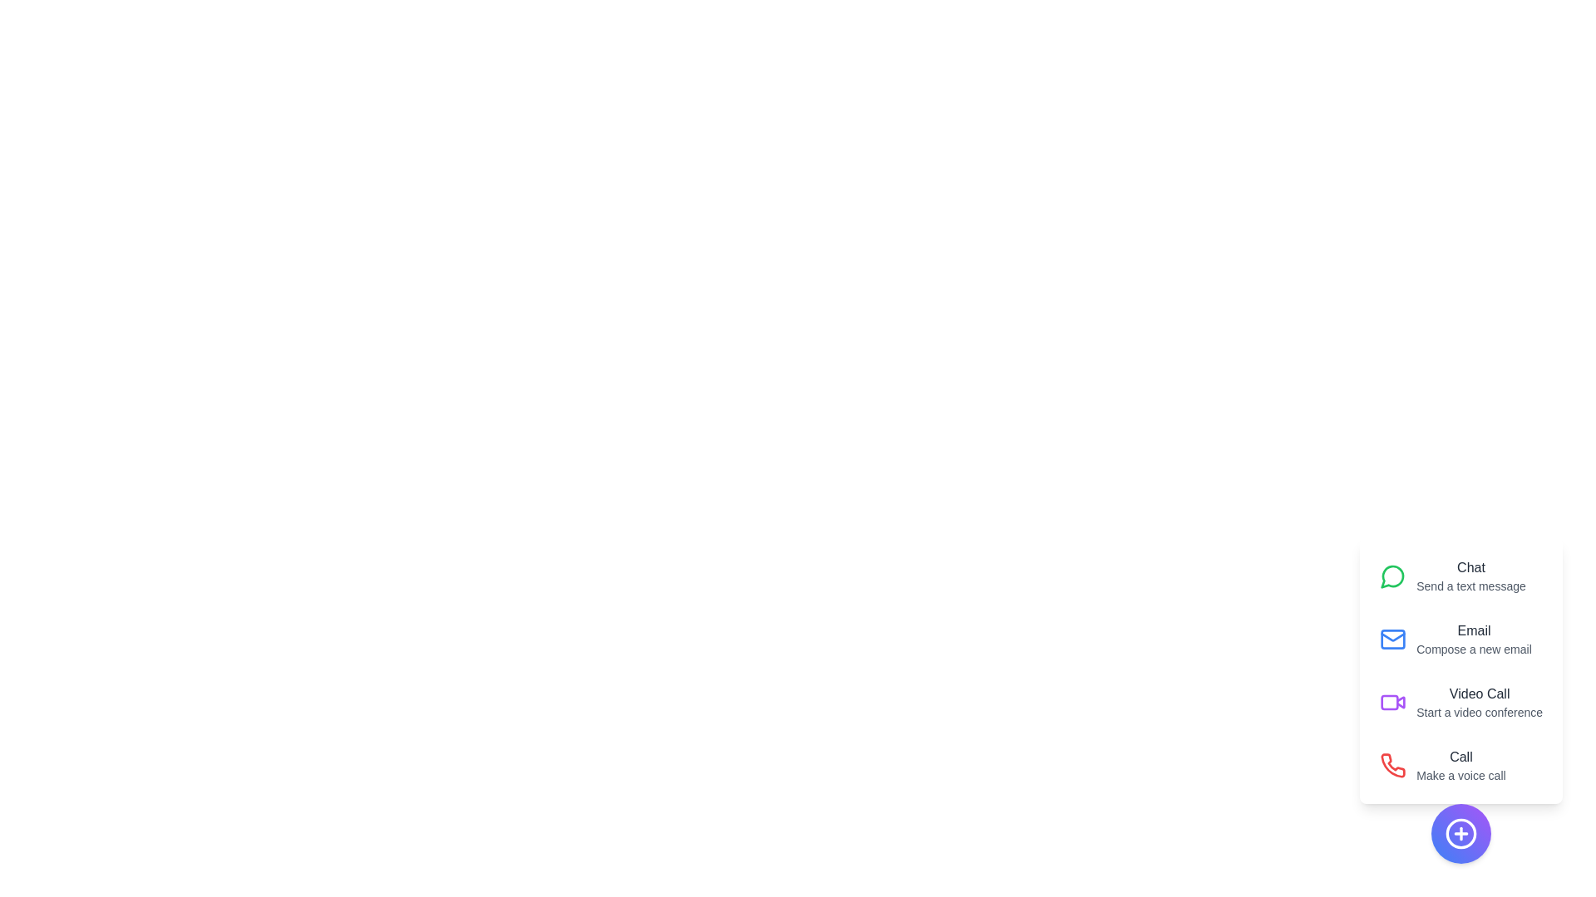  Describe the element at coordinates (1461, 576) in the screenshot. I see `the 'Chat' action to initiate a text message` at that location.